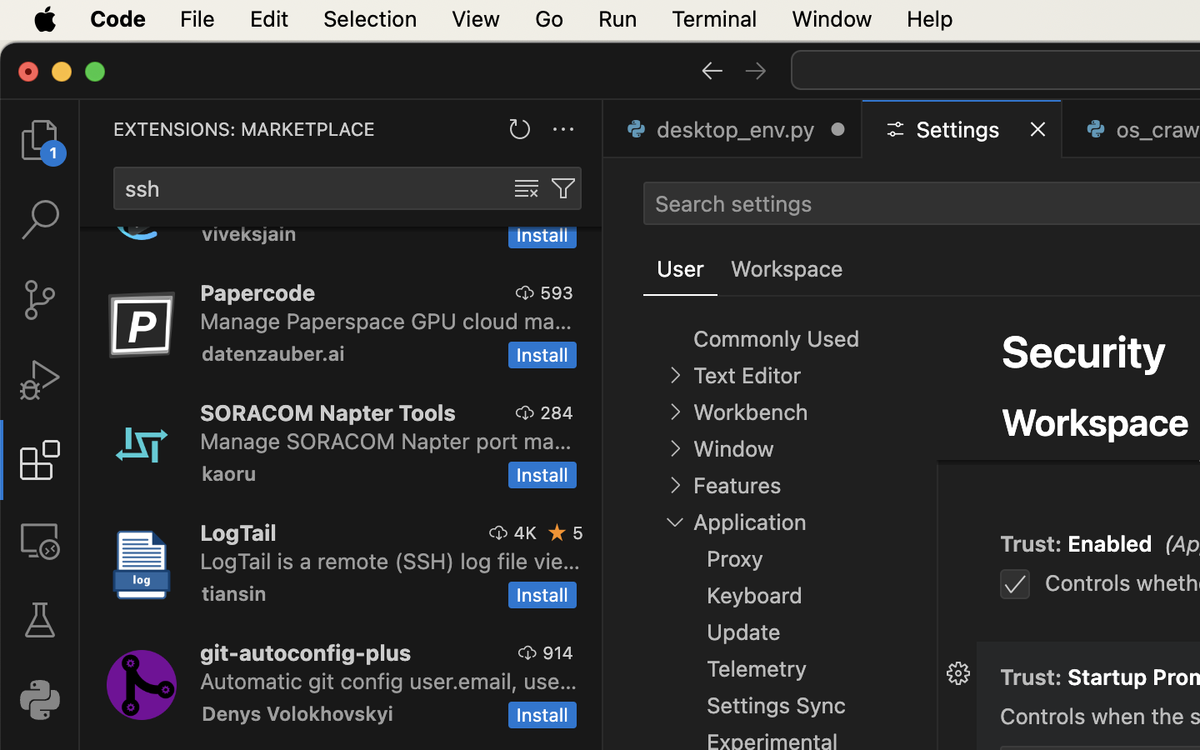 The image size is (1200, 750). I want to click on 'Settings Sync', so click(776, 705).